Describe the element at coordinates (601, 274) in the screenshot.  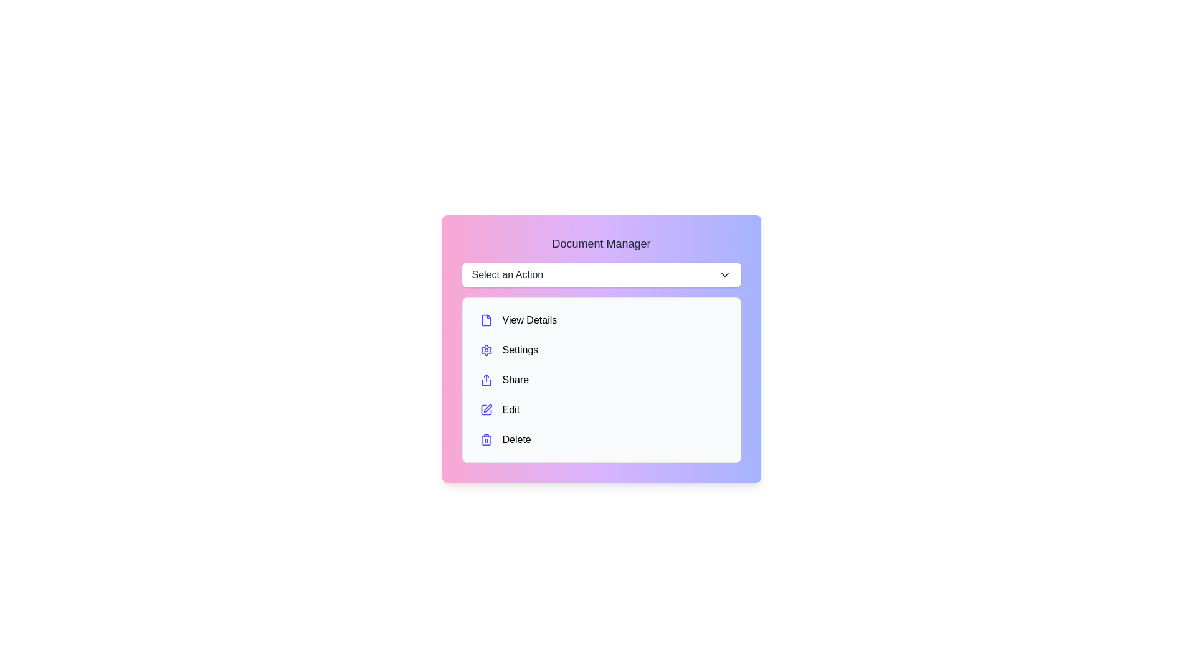
I see `keyboard navigation` at that location.